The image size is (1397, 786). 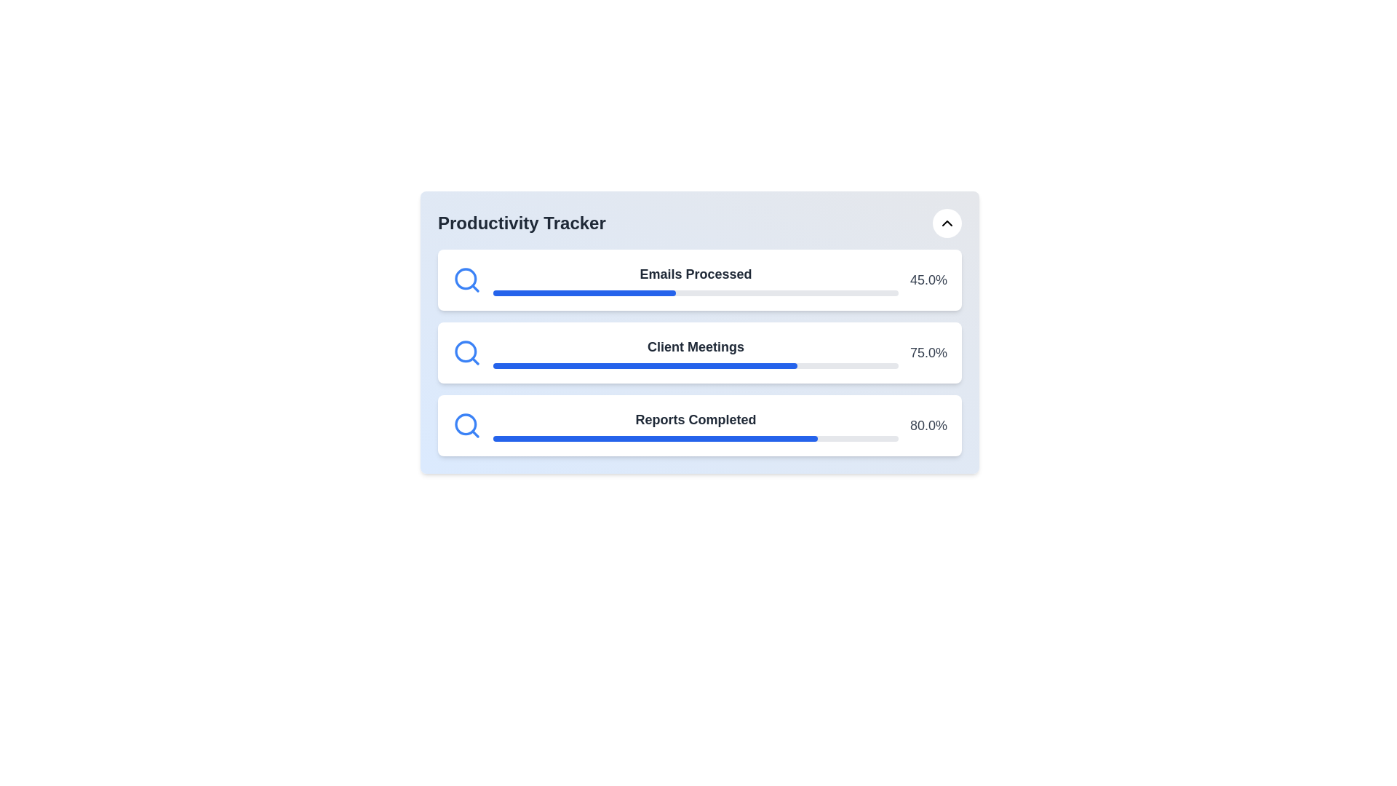 What do you see at coordinates (644, 365) in the screenshot?
I see `the blue progress bar segment representing 75% completion in the 'Client Meetings' section of the productivity tracker` at bounding box center [644, 365].